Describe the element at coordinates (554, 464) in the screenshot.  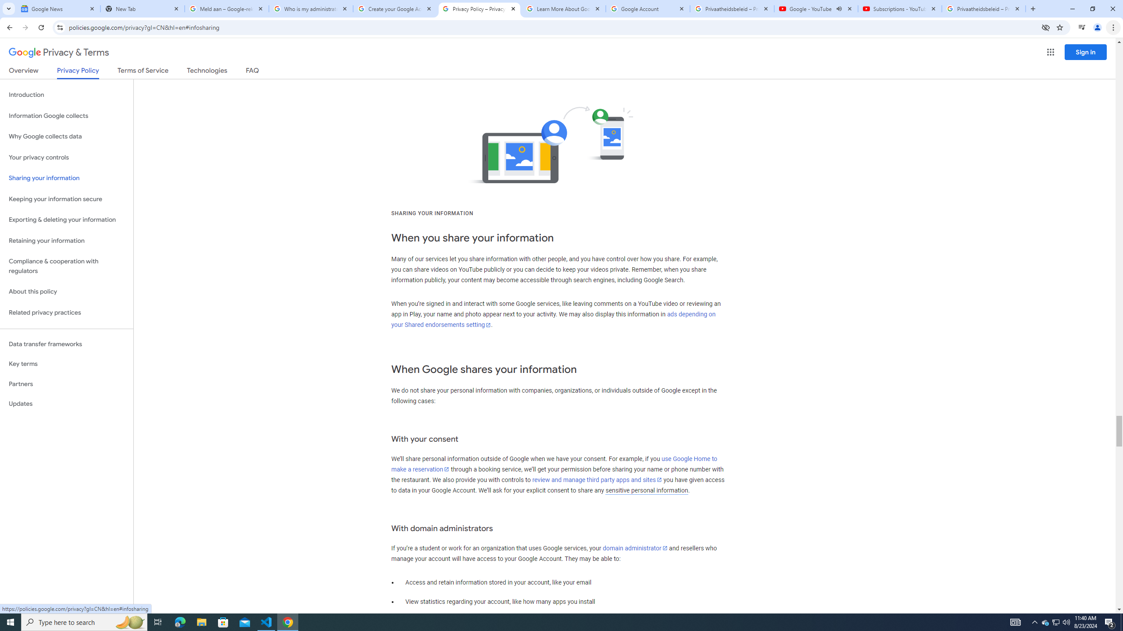
I see `'use Google Home to make a reservation'` at that location.